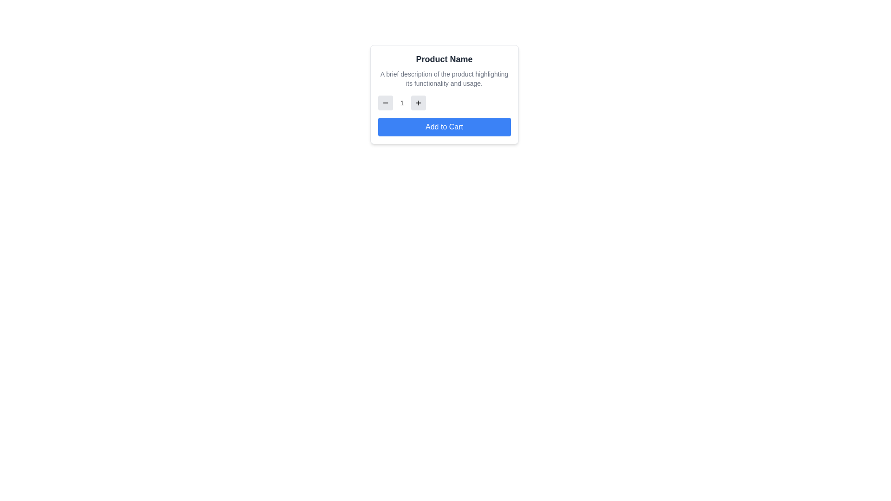 This screenshot has width=891, height=501. I want to click on the medium-sized numeral '1' displayed in a sans-serif font, which is centrally located between a minus sign button and a plus sign button in the quantity management controls of a product interface, so click(402, 103).